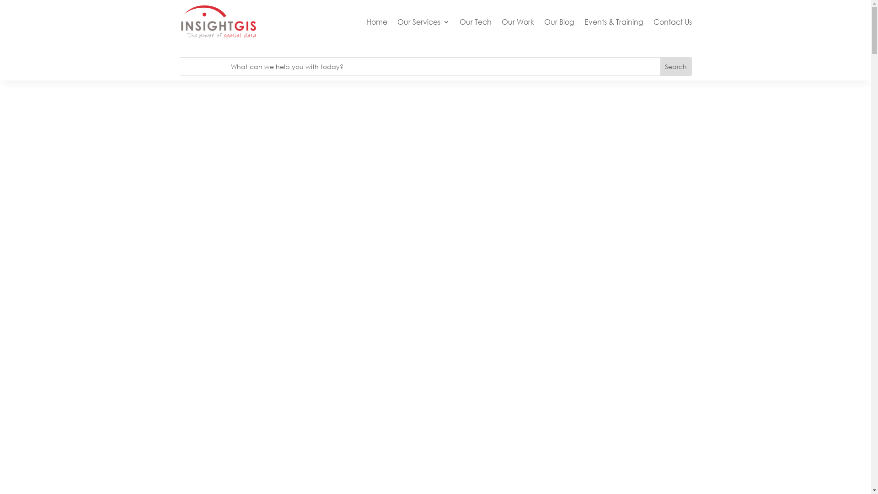 Image resolution: width=878 pixels, height=494 pixels. I want to click on 'Our Work', so click(517, 21).